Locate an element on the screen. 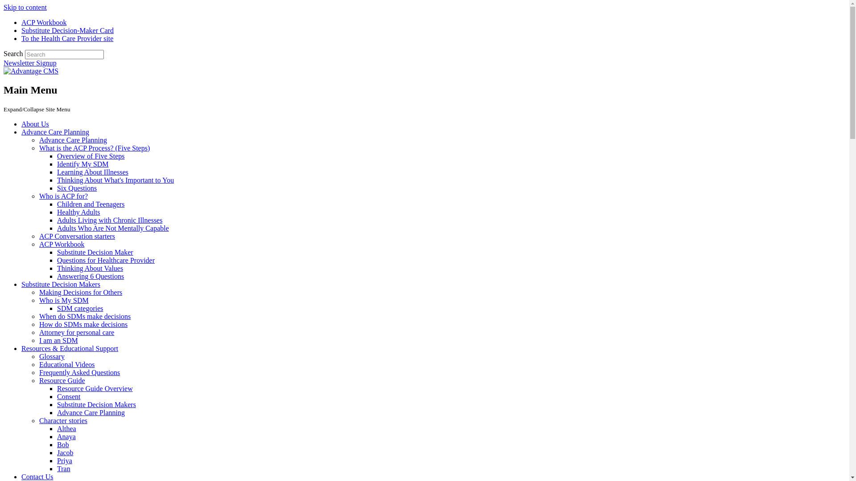 Image resolution: width=856 pixels, height=481 pixels. 'Tran' is located at coordinates (63, 468).